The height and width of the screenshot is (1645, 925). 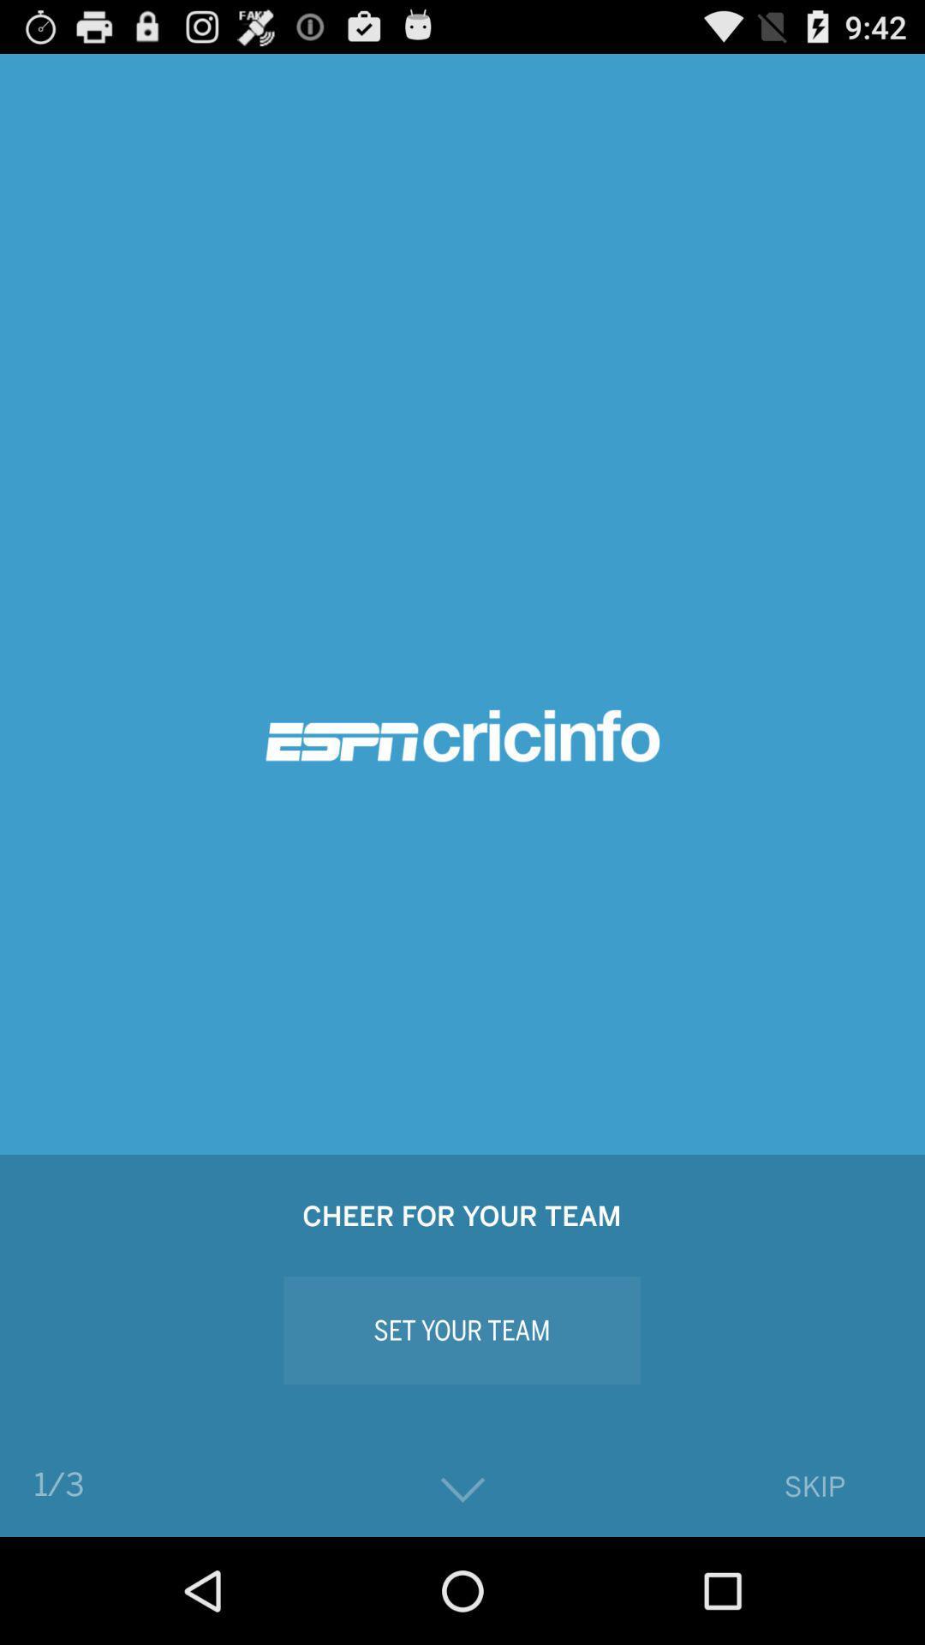 I want to click on the button below set your team, so click(x=462, y=1489).